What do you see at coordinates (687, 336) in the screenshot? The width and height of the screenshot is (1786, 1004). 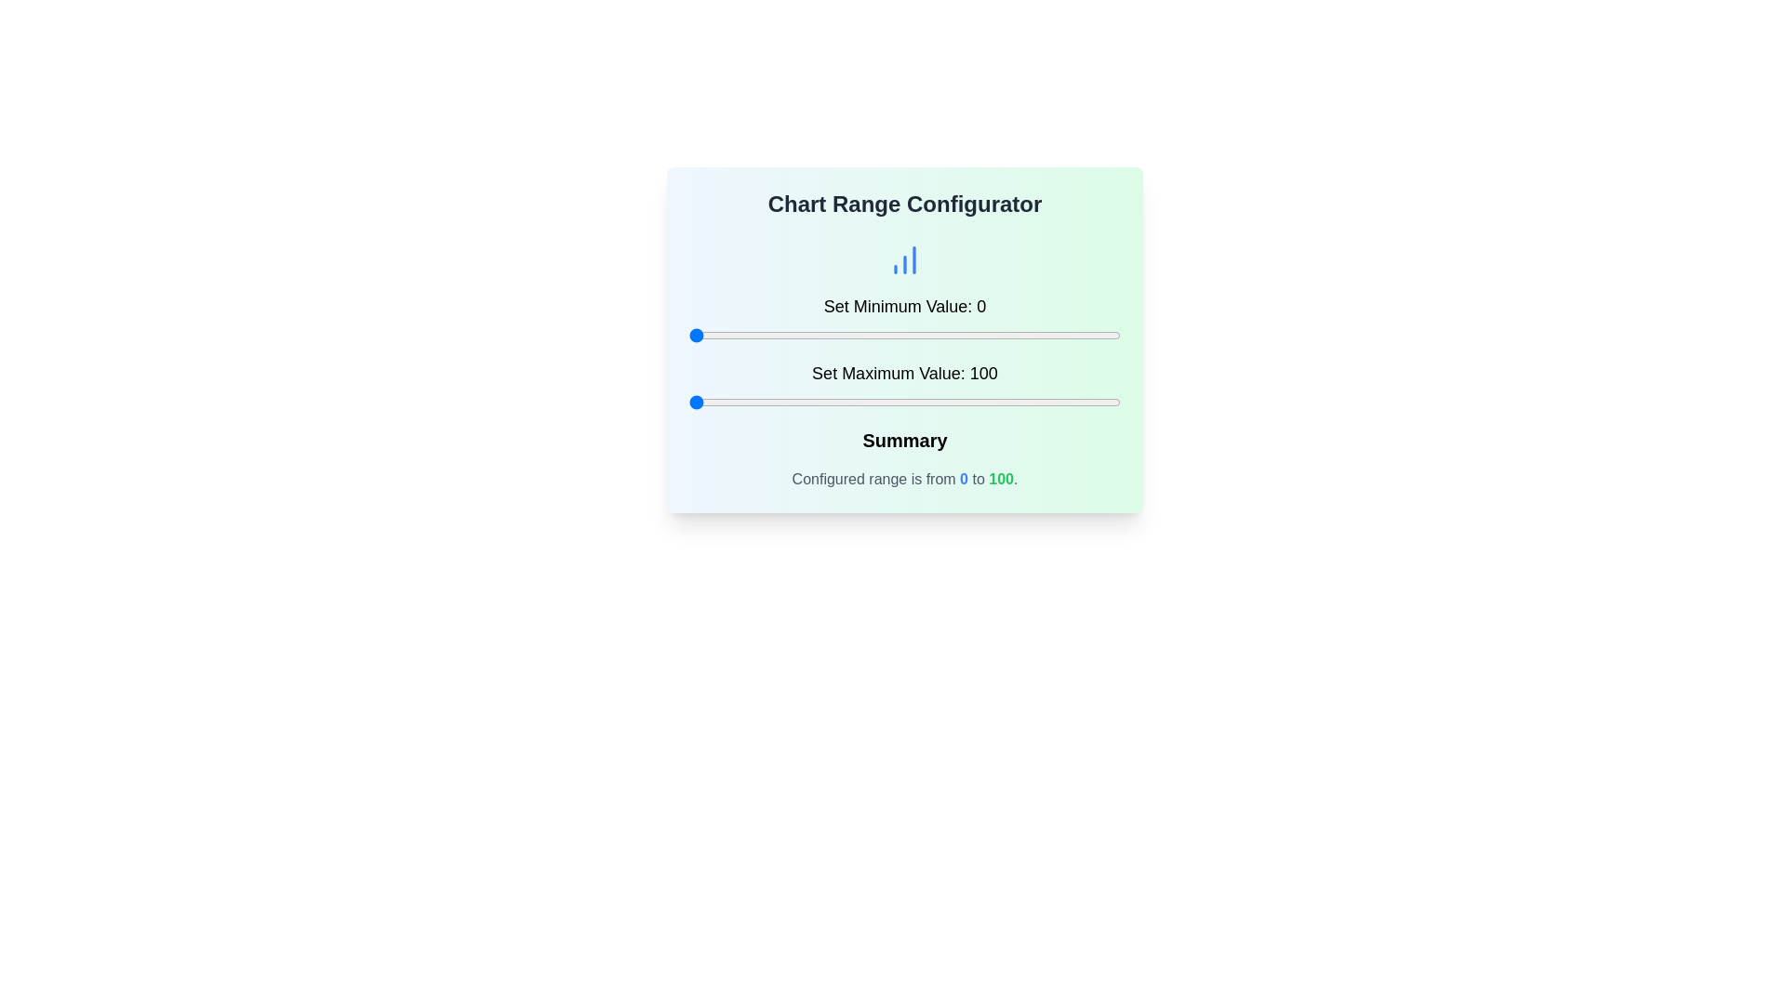 I see `the minimum value slider to set the value to 0` at bounding box center [687, 336].